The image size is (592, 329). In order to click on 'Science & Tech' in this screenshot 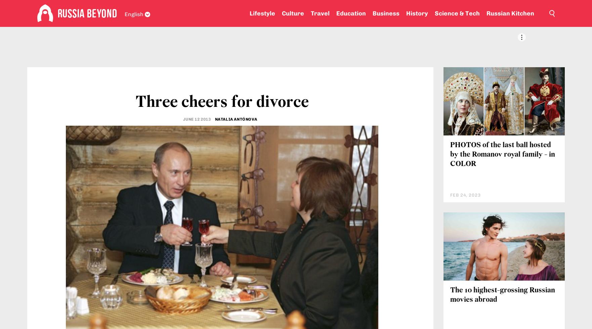, I will do `click(457, 13)`.